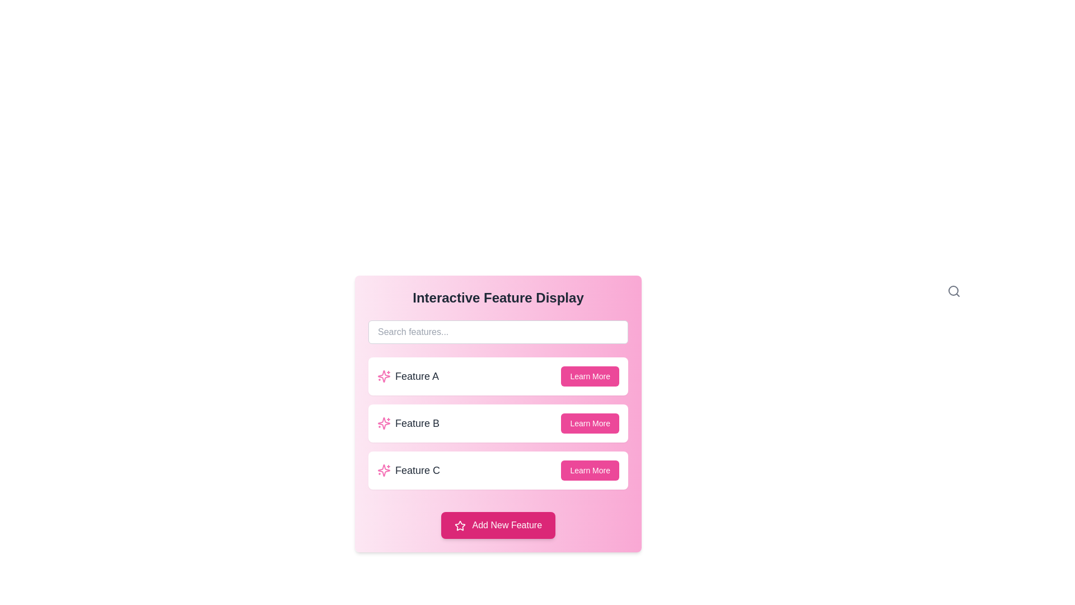 This screenshot has width=1075, height=605. I want to click on the decorative star icon located on the far left side of the 'Add New Feature' button, preceding the text, so click(460, 525).